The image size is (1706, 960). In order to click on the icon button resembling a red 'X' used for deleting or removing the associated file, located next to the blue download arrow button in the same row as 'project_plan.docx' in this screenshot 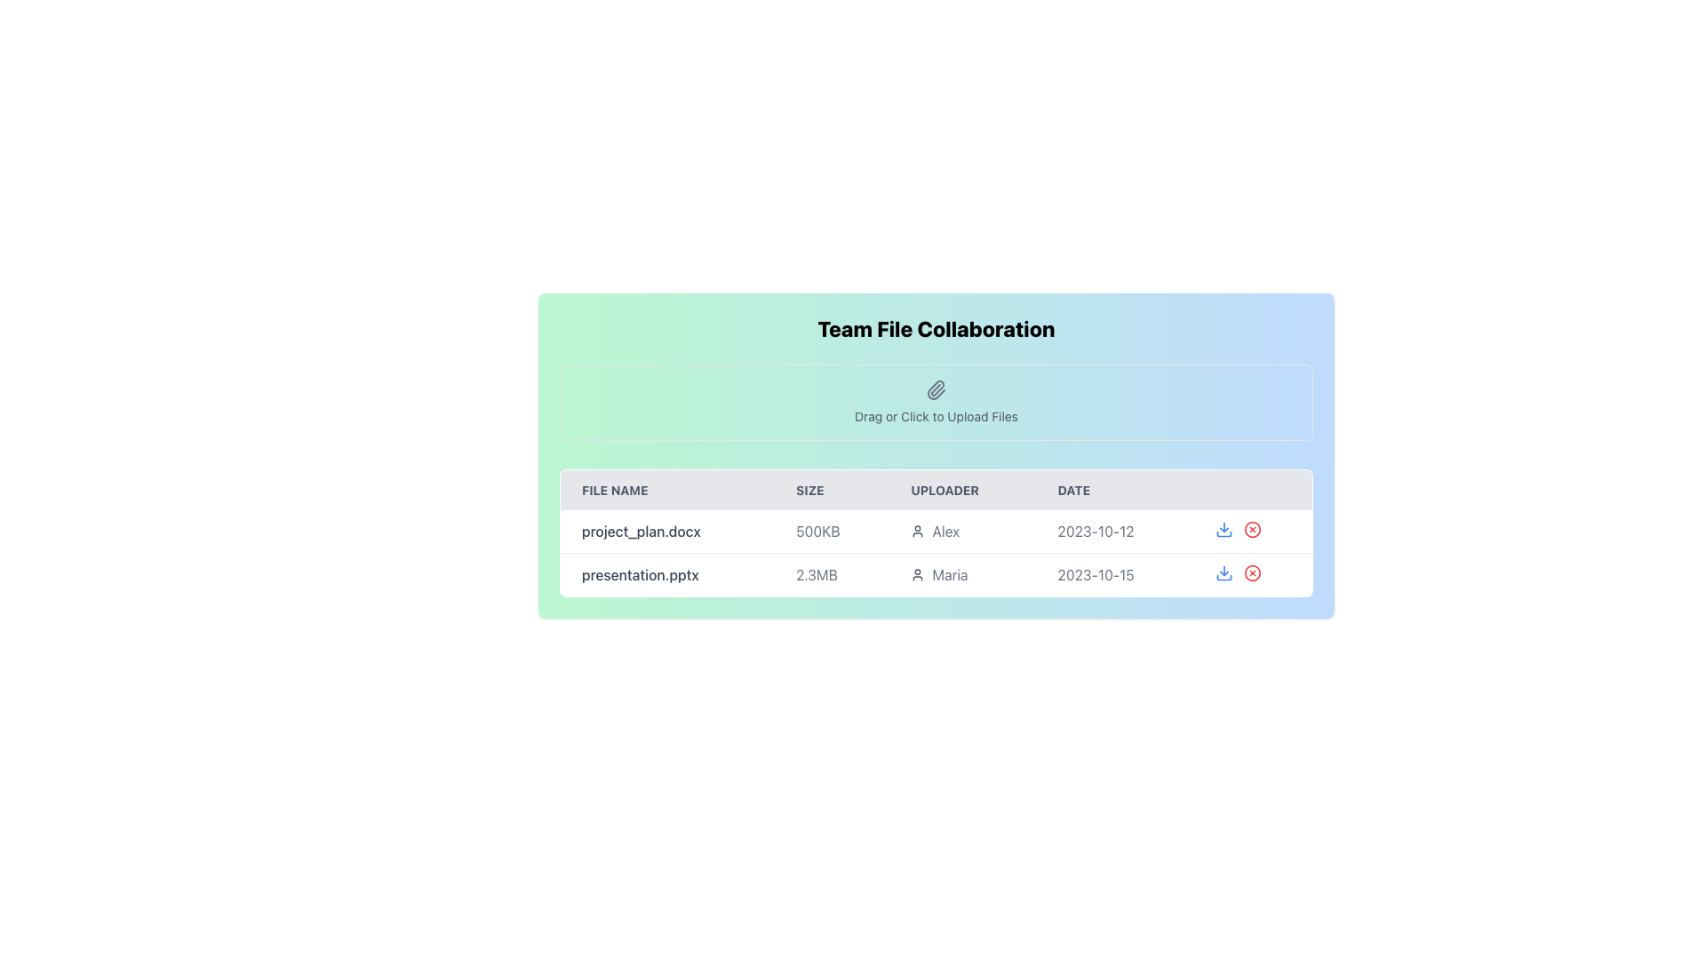, I will do `click(1252, 529)`.